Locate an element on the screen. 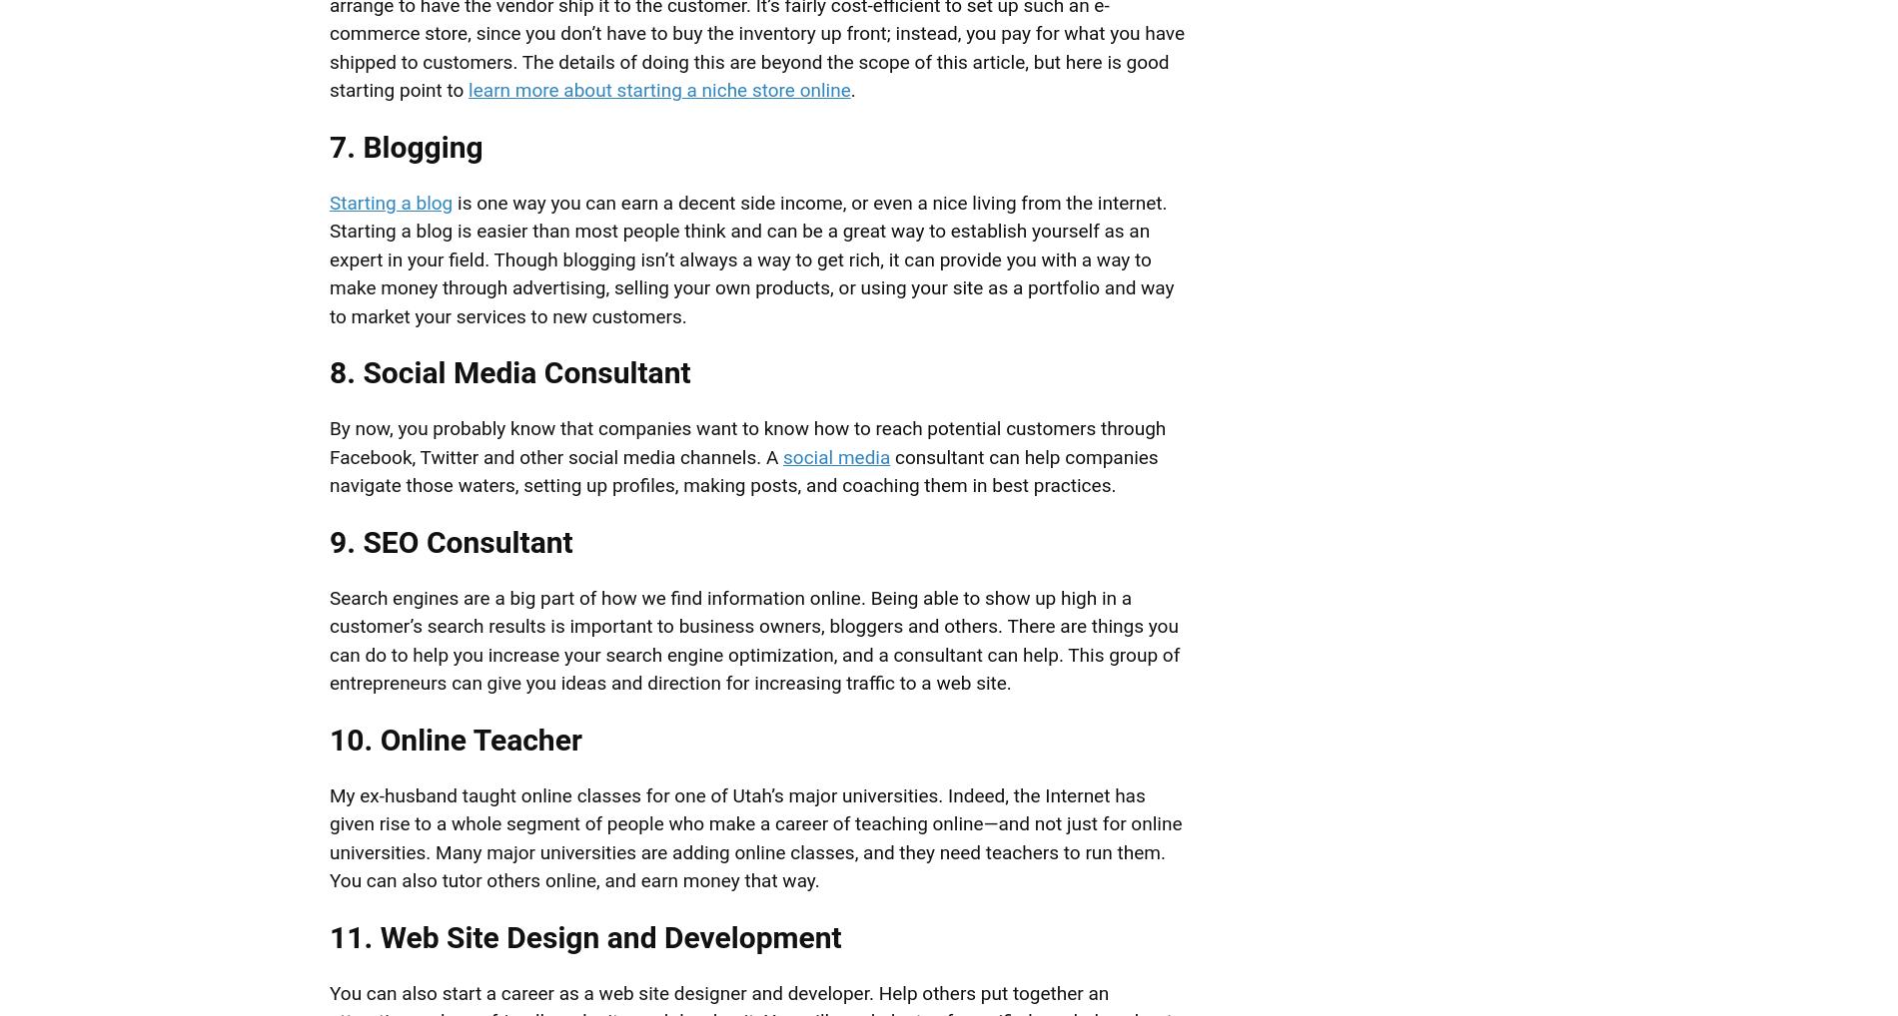  'is one way you can earn a decent side income, or even a nice living from the internet. Starting a blog is easier than most people think and can be a great way to establish yourself as an expert in your field. Though blogging isn’t always a way to get rich, it can provide you with a way to make money through advertising, selling your own products, or using your site as a portfolio and way to market your services to new customers.' is located at coordinates (750, 258).